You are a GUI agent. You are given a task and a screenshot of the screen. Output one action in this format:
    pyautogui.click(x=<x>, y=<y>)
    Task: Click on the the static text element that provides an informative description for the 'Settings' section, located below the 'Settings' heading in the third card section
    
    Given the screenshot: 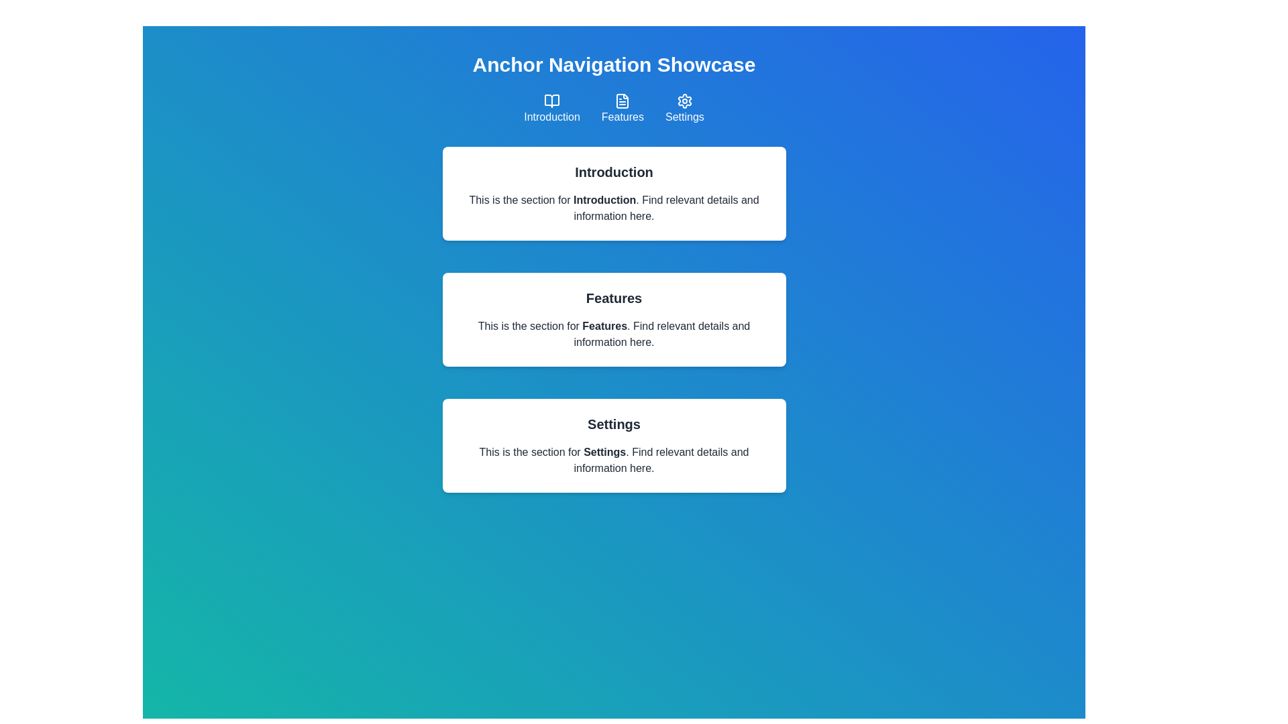 What is the action you would take?
    pyautogui.click(x=613, y=459)
    